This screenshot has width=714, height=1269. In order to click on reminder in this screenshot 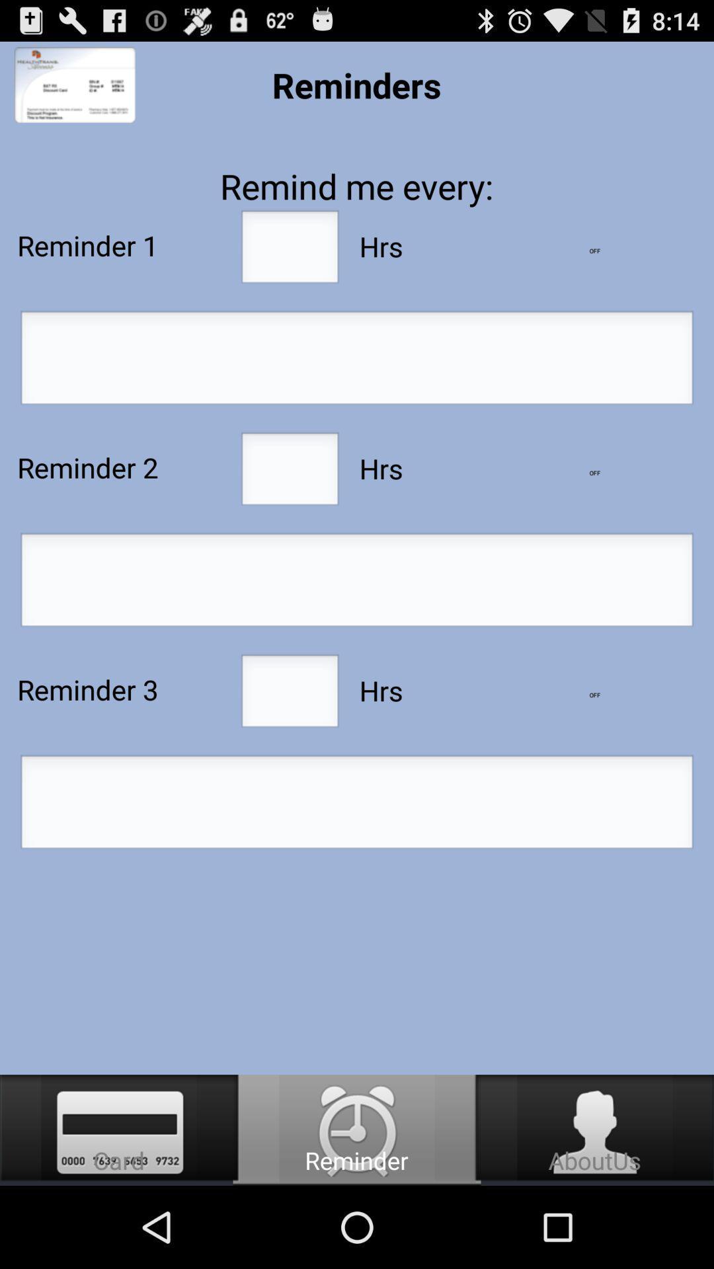, I will do `click(357, 583)`.